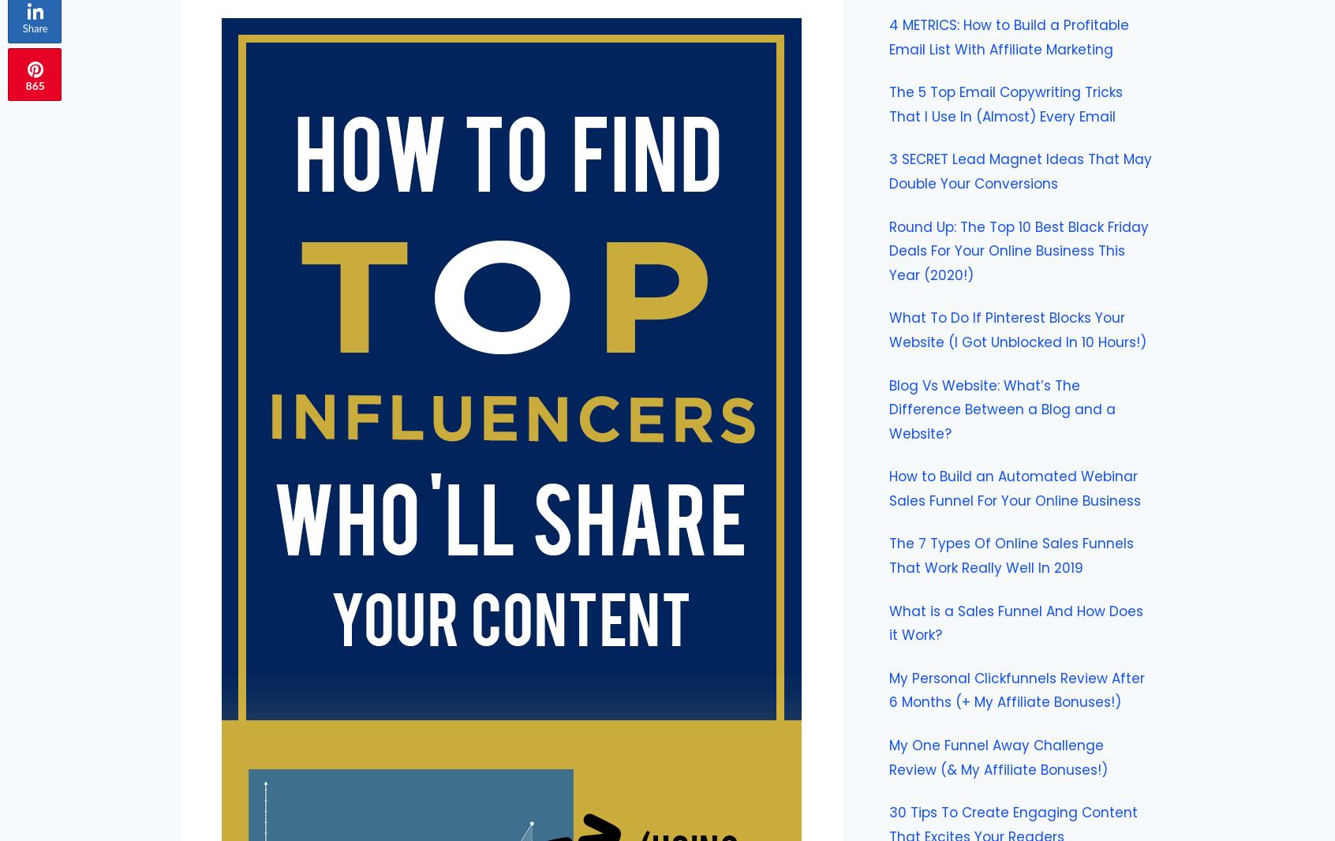 This screenshot has width=1335, height=841. I want to click on 'How to Build an Automated Webinar Sales Funnel For Your Online Business', so click(1014, 488).